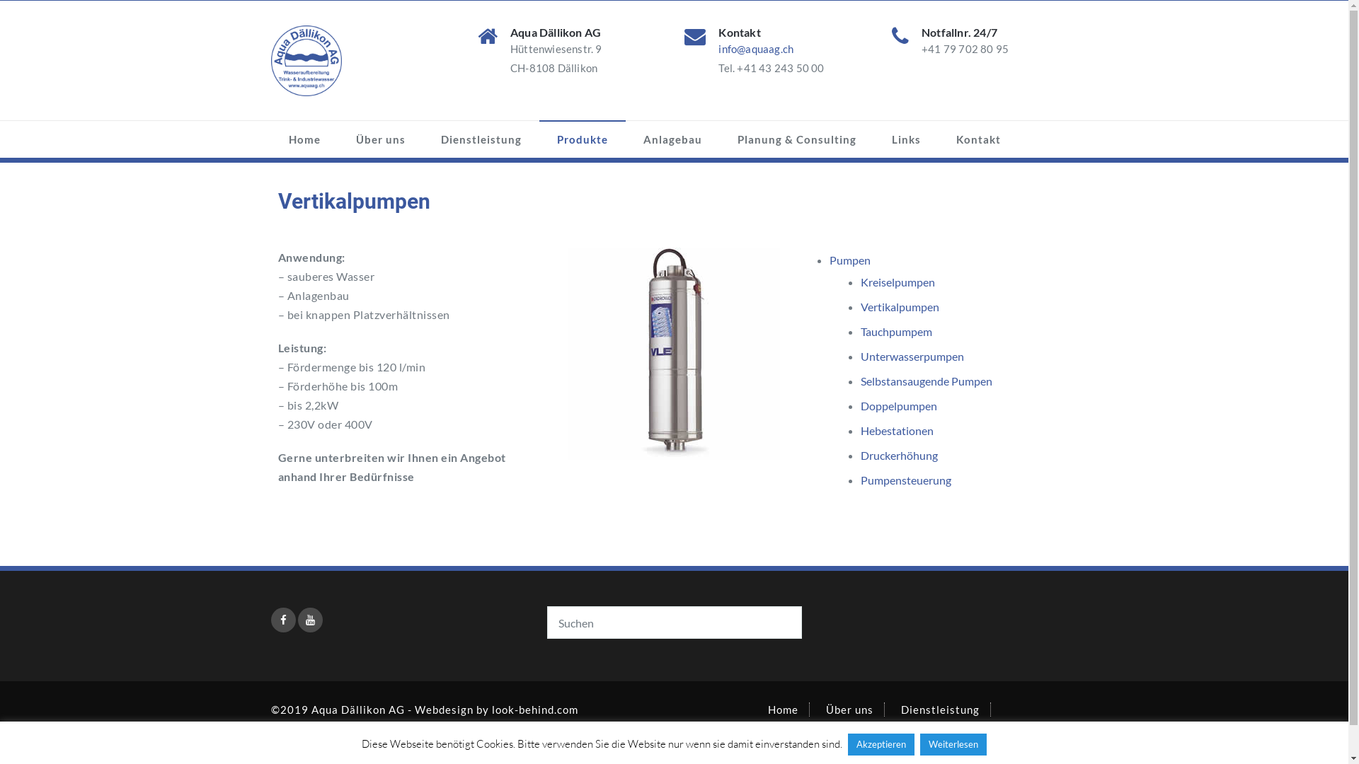  Describe the element at coordinates (984, 736) in the screenshot. I see `'Planung & Consulting'` at that location.